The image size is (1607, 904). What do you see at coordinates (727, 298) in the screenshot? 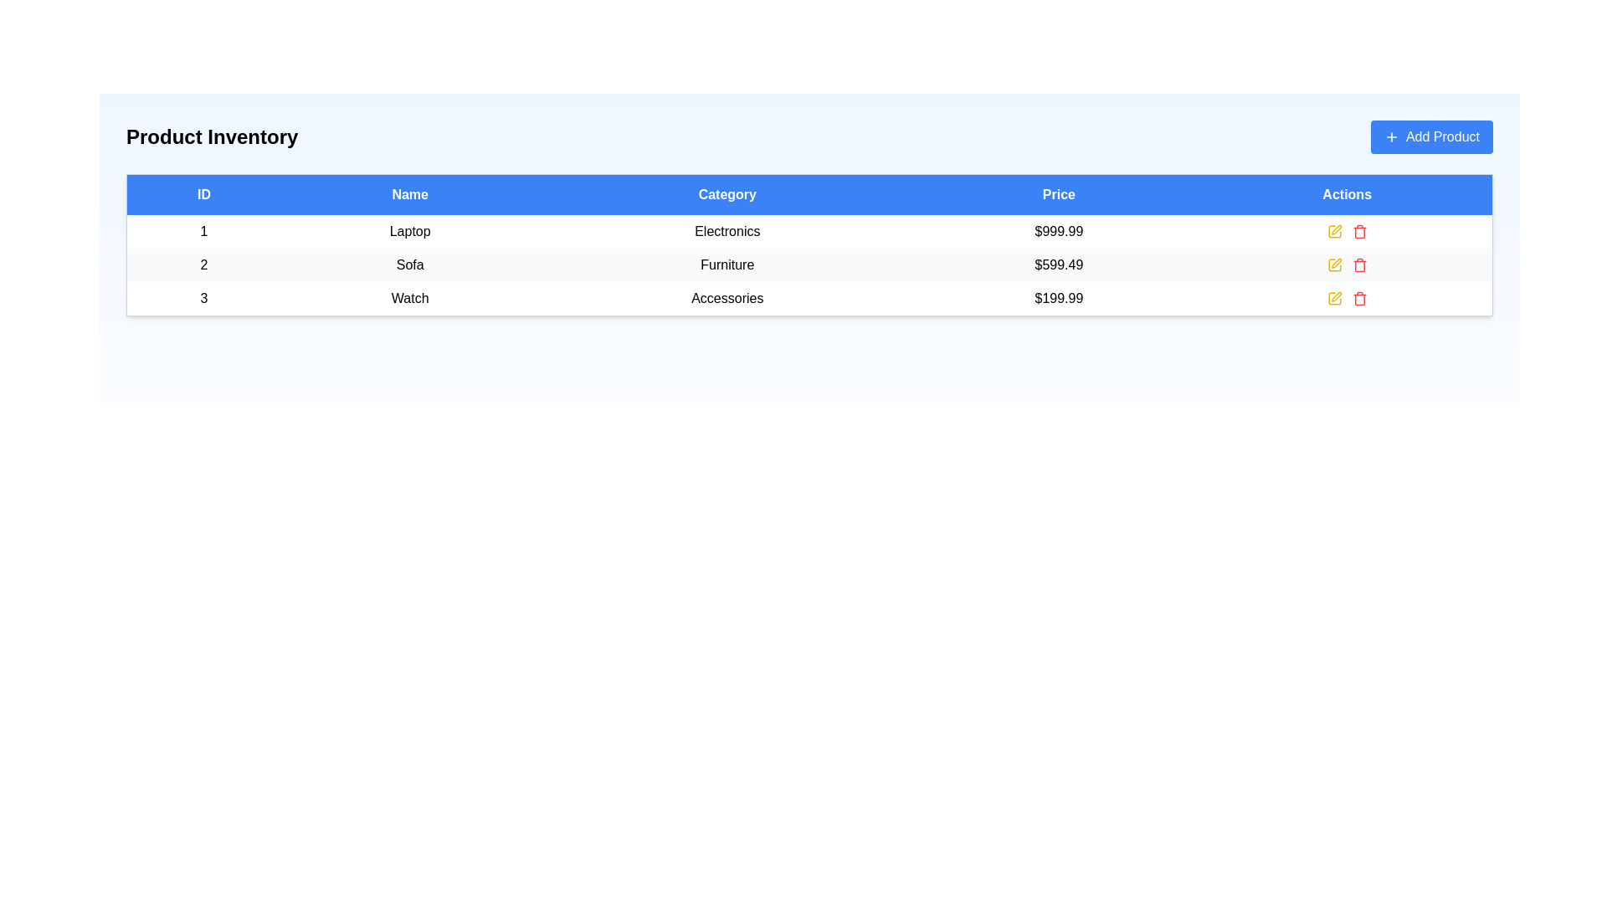
I see `the 'Accessories' text label in the third column of the third row of the product table, which follows the 'Watch' text and precedes the price '$199.99'` at bounding box center [727, 298].